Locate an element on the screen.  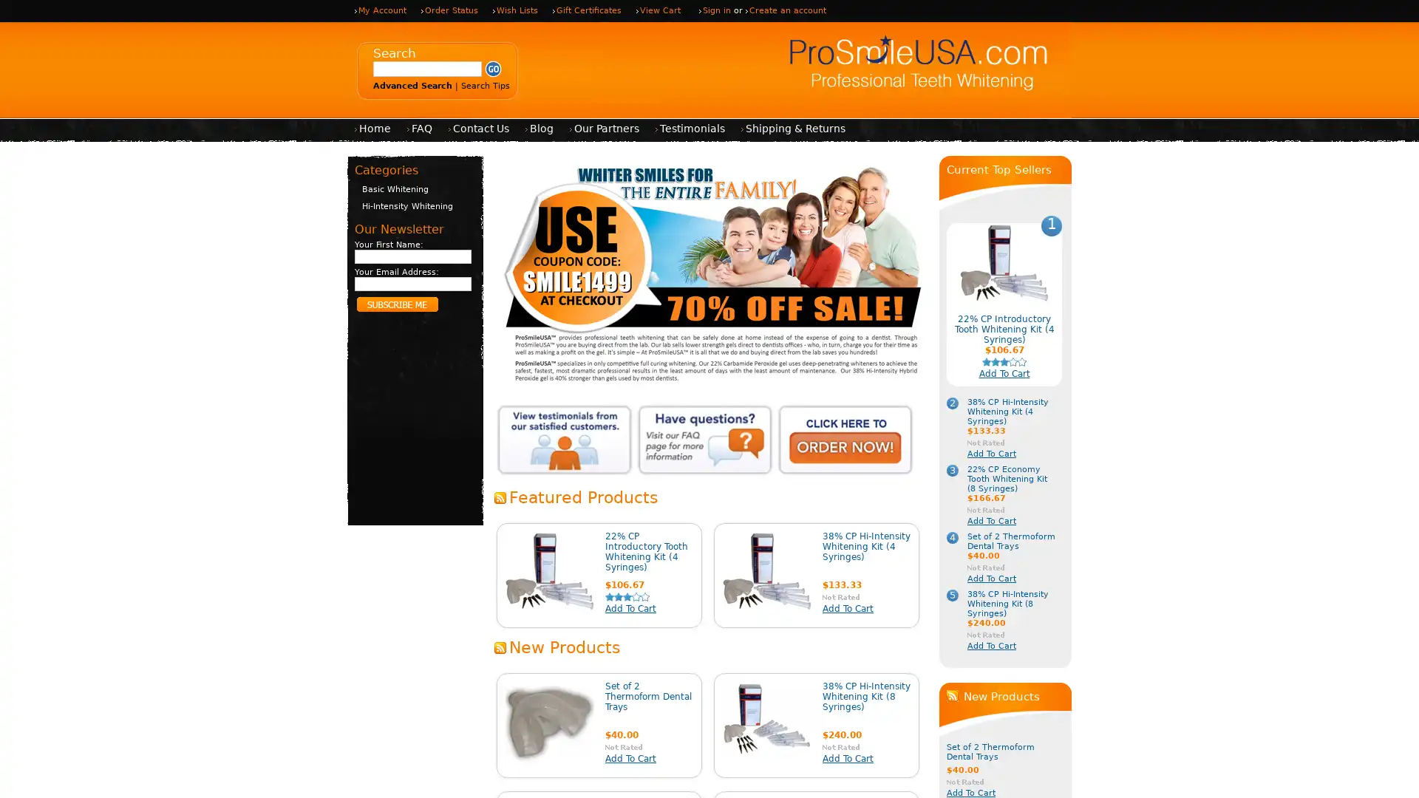
Submit is located at coordinates (493, 69).